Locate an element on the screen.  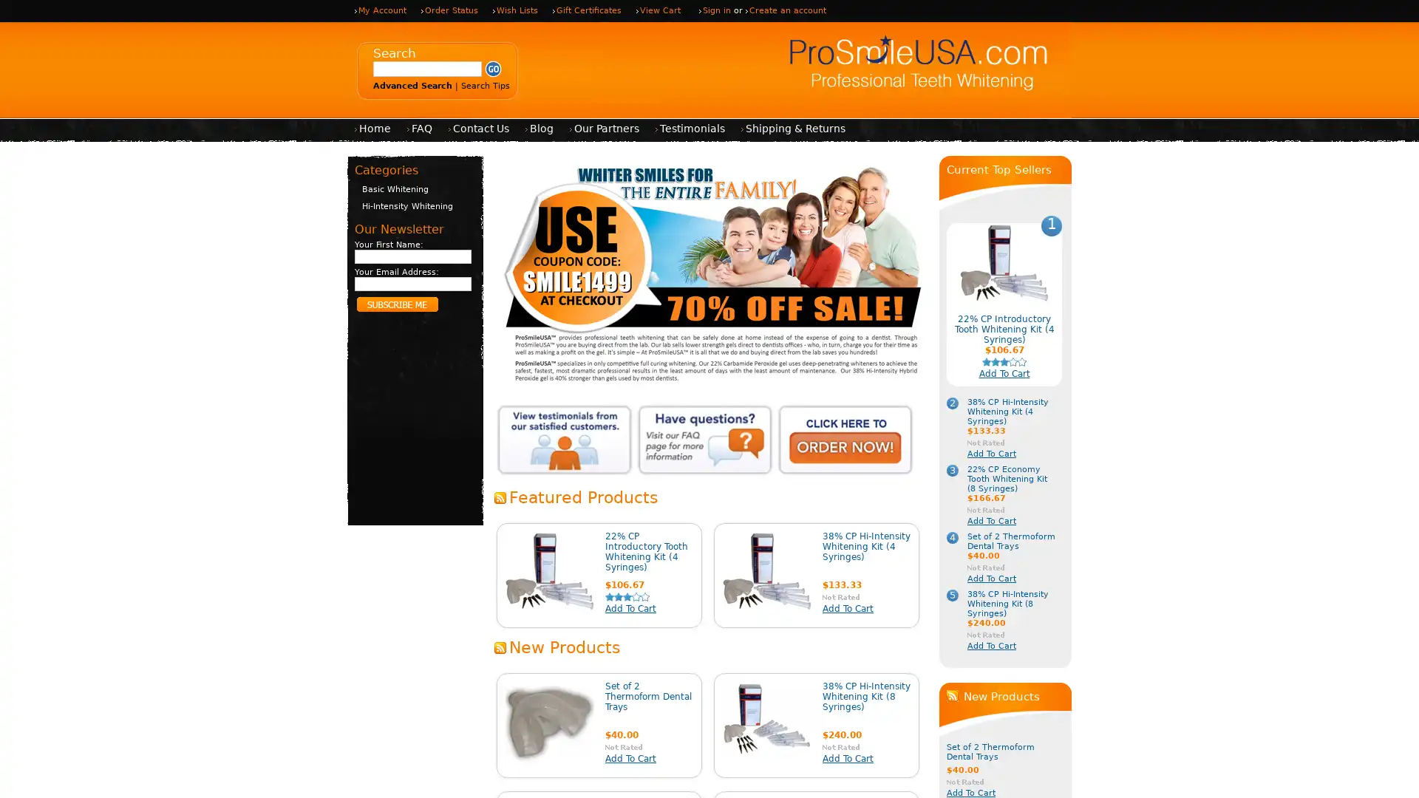
Submit is located at coordinates (493, 69).